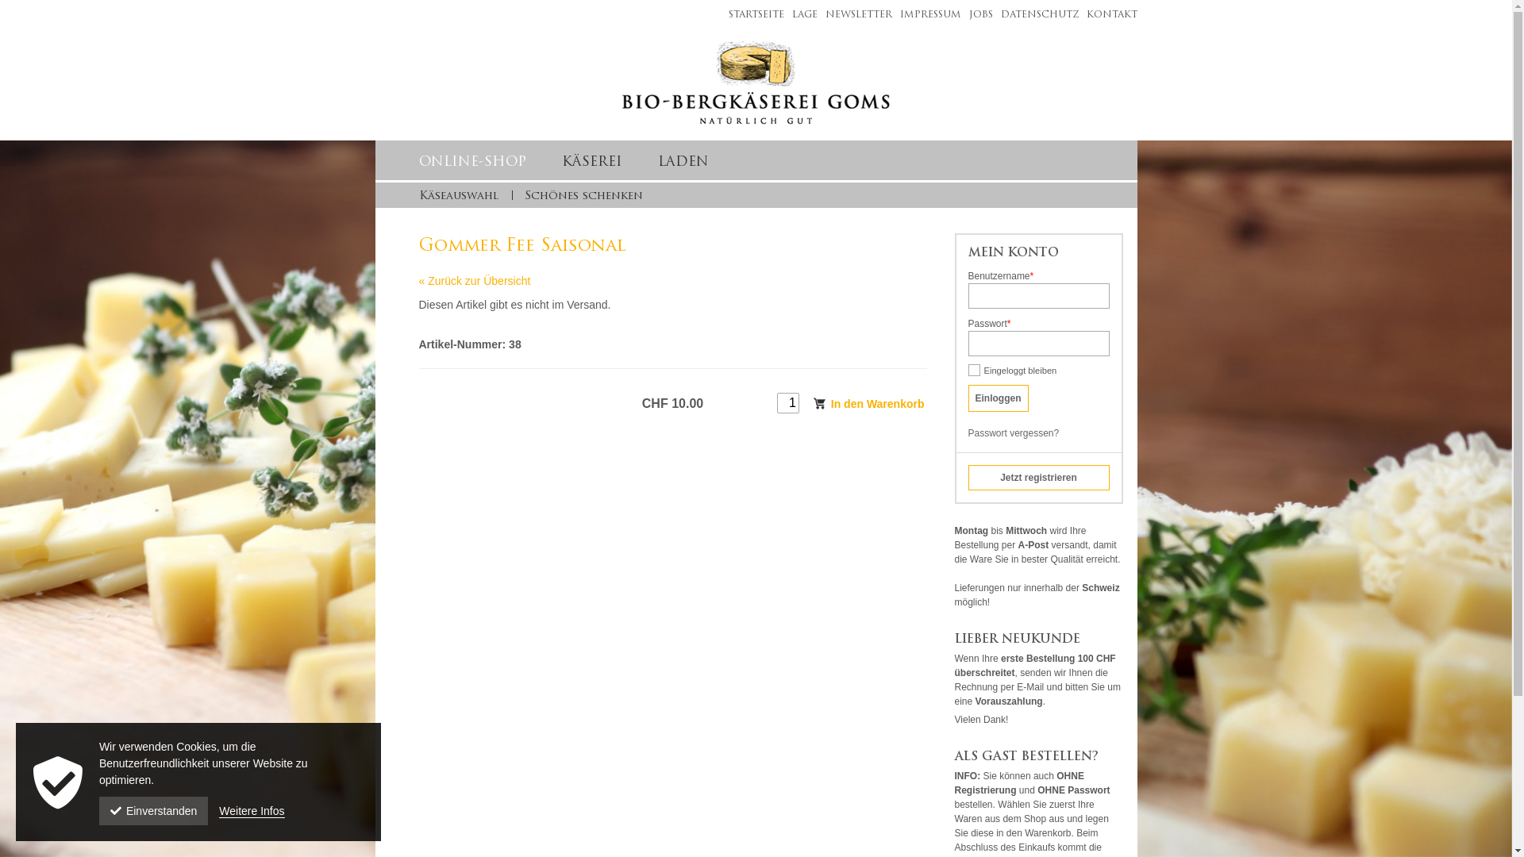 Image resolution: width=1524 pixels, height=857 pixels. What do you see at coordinates (967, 433) in the screenshot?
I see `'Passwort vergessen?'` at bounding box center [967, 433].